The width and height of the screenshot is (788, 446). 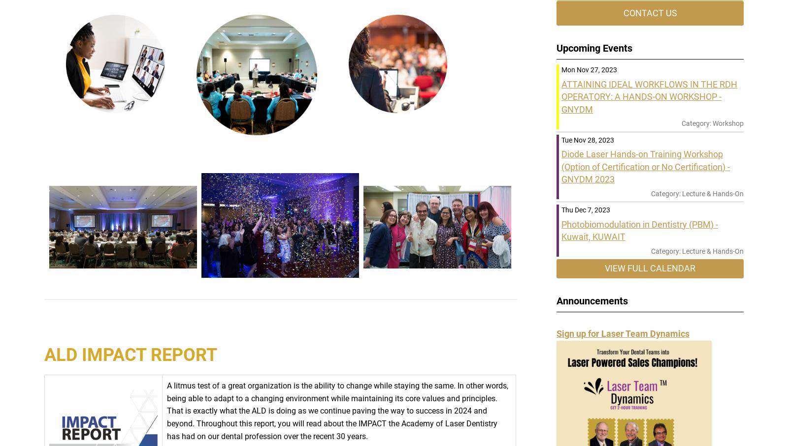 What do you see at coordinates (586, 209) in the screenshot?
I see `'Thu Dec 7, 2023'` at bounding box center [586, 209].